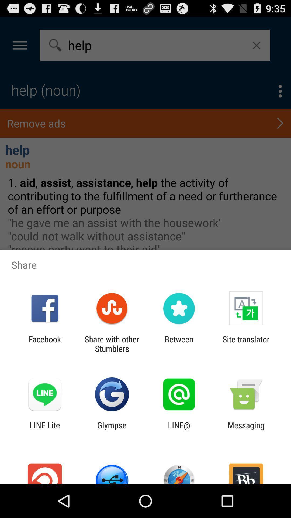 This screenshot has width=291, height=518. What do you see at coordinates (179, 344) in the screenshot?
I see `the app to the left of the site translator icon` at bounding box center [179, 344].